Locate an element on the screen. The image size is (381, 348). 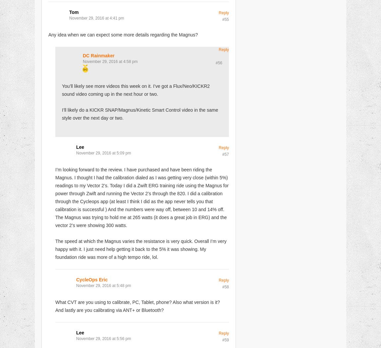
'DC Rainmaker' is located at coordinates (82, 55).